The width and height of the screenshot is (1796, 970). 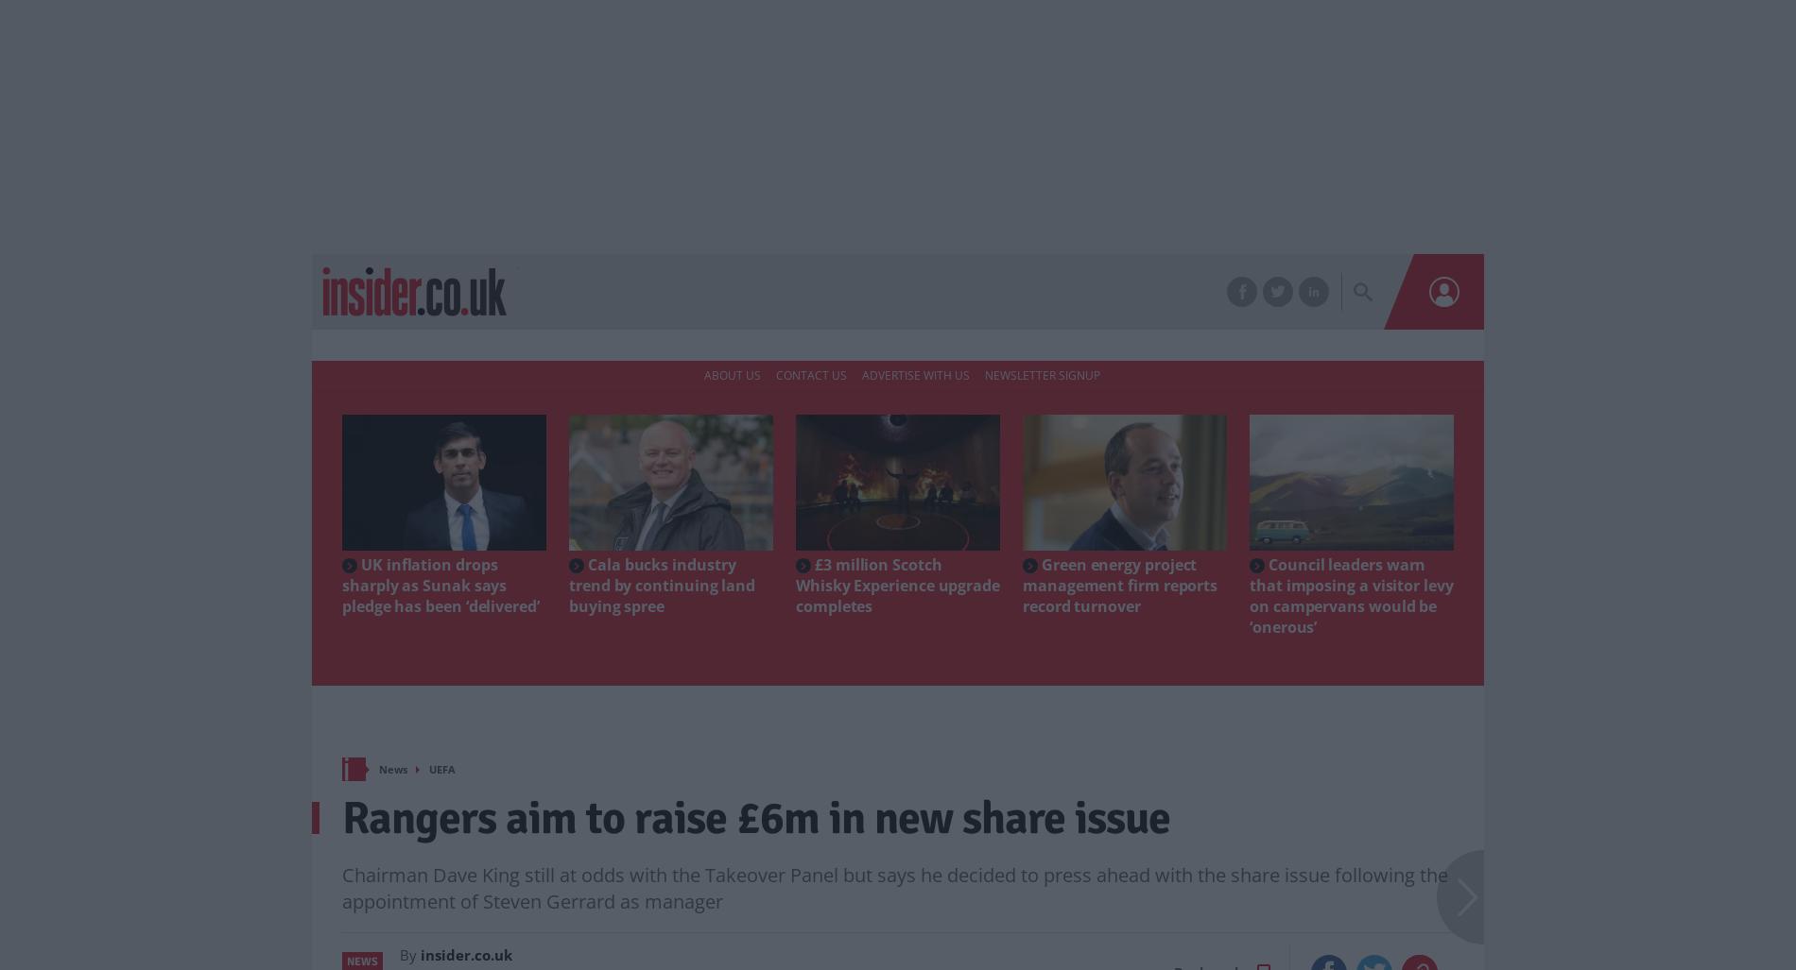 What do you see at coordinates (663, 292) in the screenshot?
I see `'Markets'` at bounding box center [663, 292].